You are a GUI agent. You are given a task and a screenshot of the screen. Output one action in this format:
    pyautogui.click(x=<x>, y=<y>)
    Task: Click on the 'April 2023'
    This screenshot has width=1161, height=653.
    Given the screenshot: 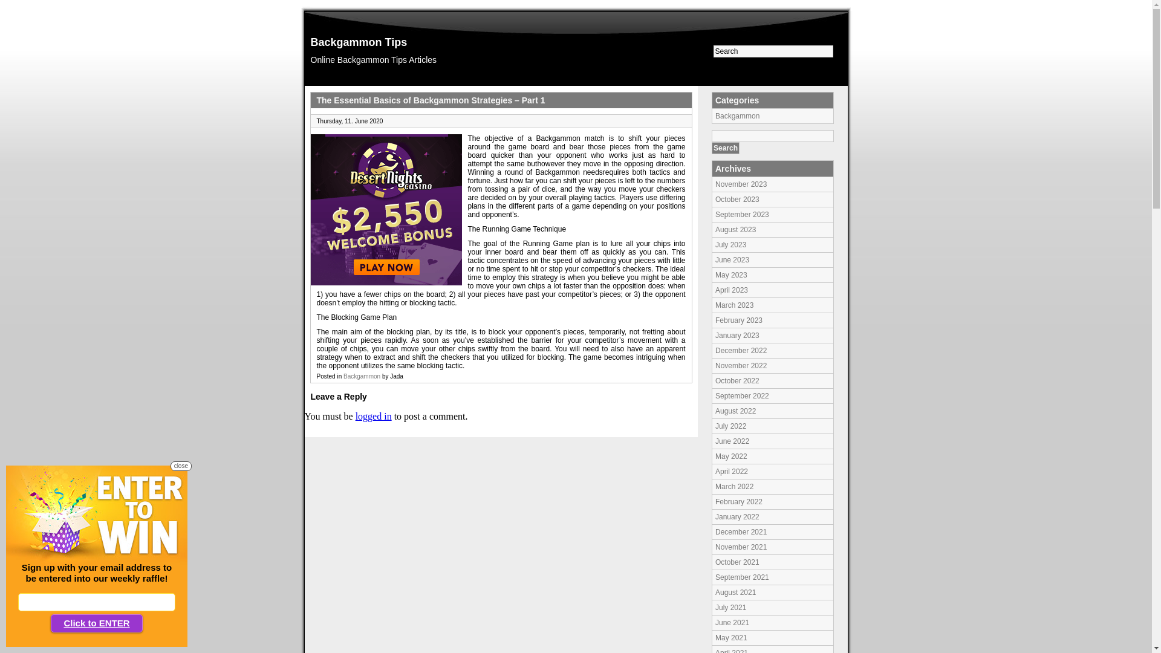 What is the action you would take?
    pyautogui.click(x=730, y=290)
    